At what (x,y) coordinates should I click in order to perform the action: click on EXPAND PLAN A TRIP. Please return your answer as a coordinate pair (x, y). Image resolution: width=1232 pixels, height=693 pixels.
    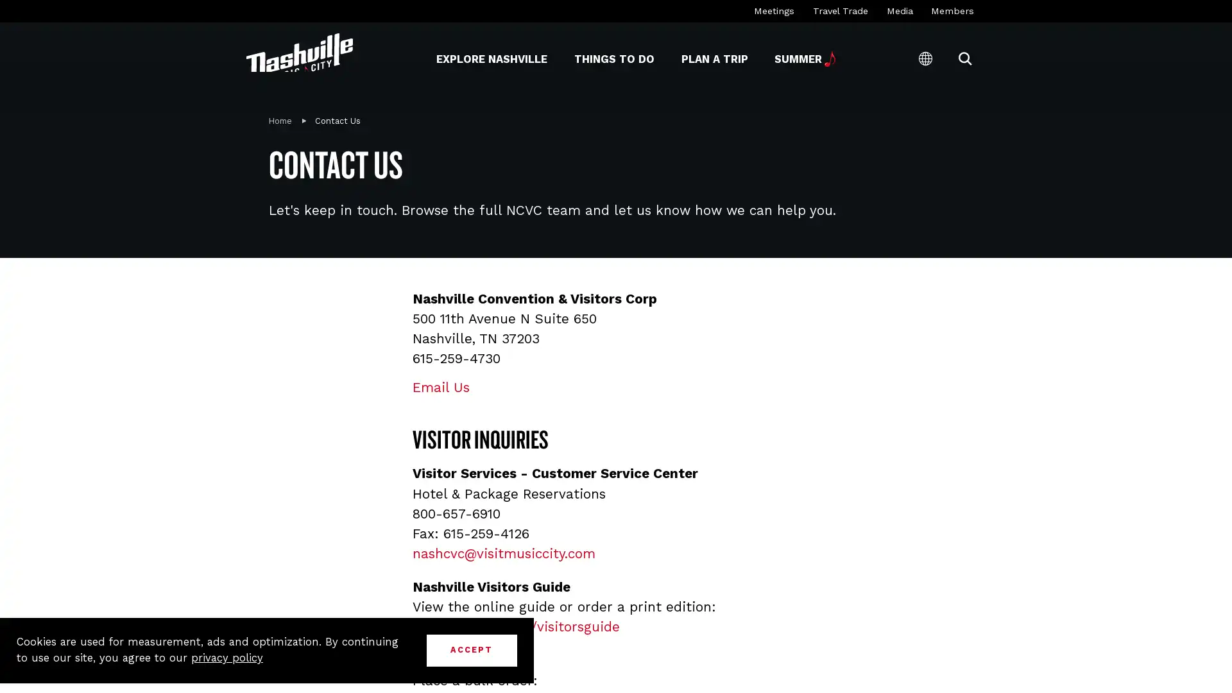
    Looking at the image, I should click on (680, 58).